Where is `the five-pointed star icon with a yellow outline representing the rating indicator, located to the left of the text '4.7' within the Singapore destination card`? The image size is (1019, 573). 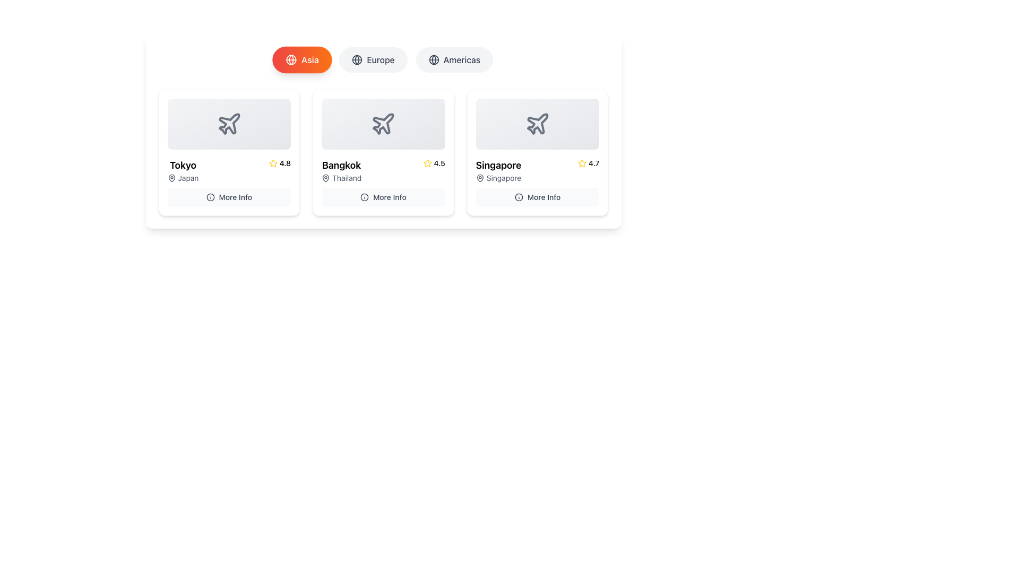 the five-pointed star icon with a yellow outline representing the rating indicator, located to the left of the text '4.7' within the Singapore destination card is located at coordinates (582, 163).